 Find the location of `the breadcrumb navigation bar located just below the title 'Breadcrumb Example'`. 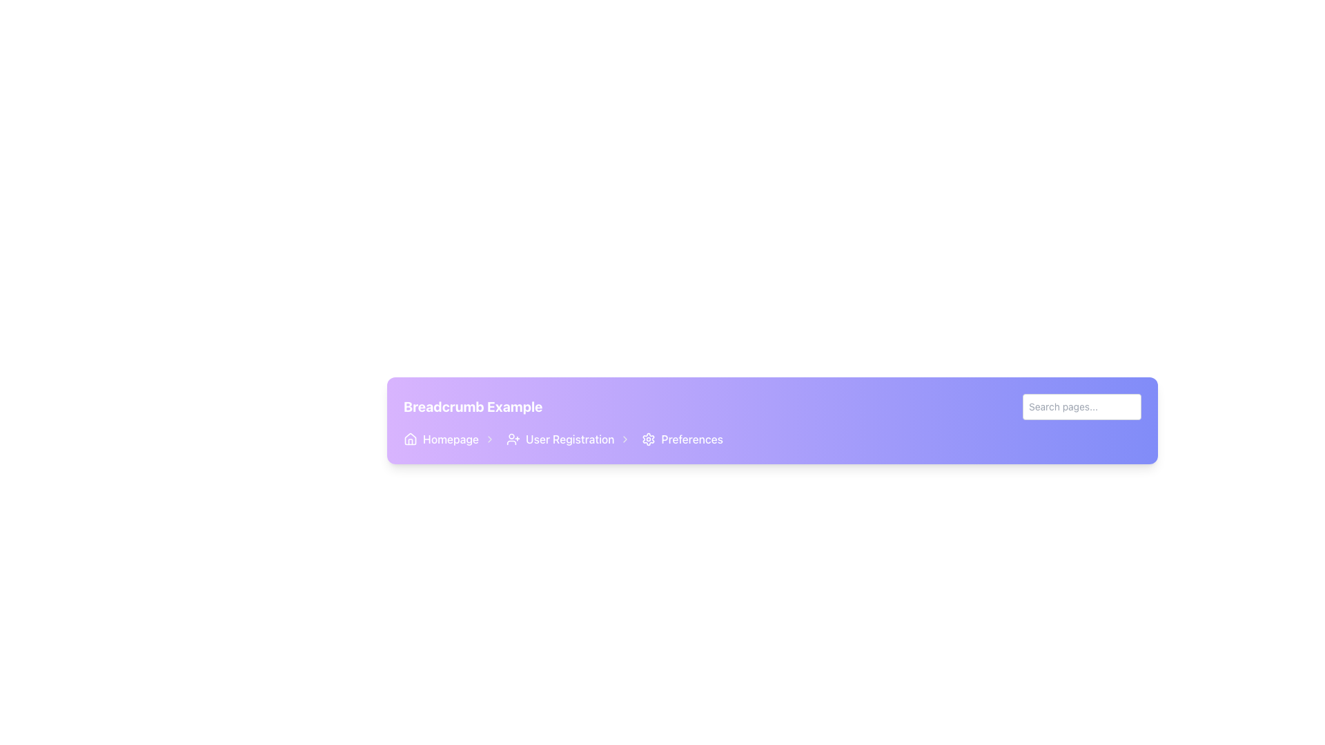

the breadcrumb navigation bar located just below the title 'Breadcrumb Example' is located at coordinates (563, 439).